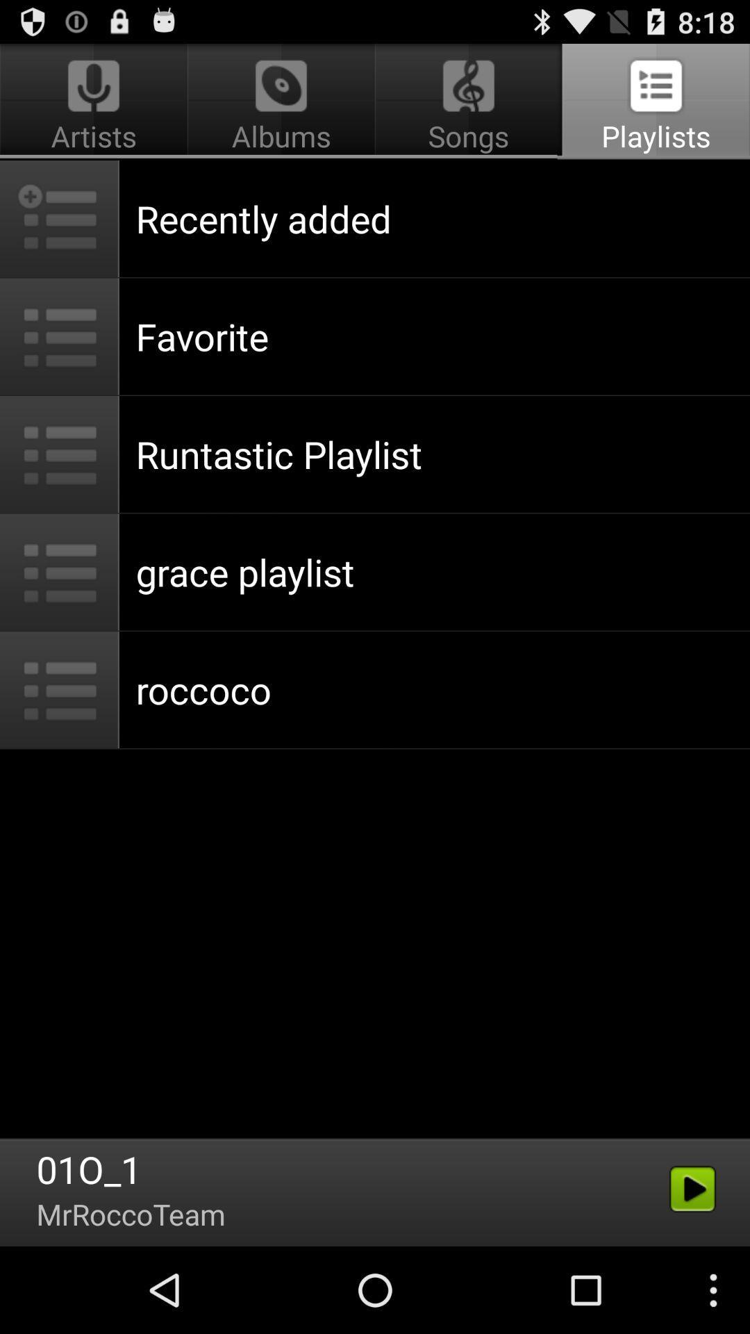  I want to click on playlists, so click(653, 101).